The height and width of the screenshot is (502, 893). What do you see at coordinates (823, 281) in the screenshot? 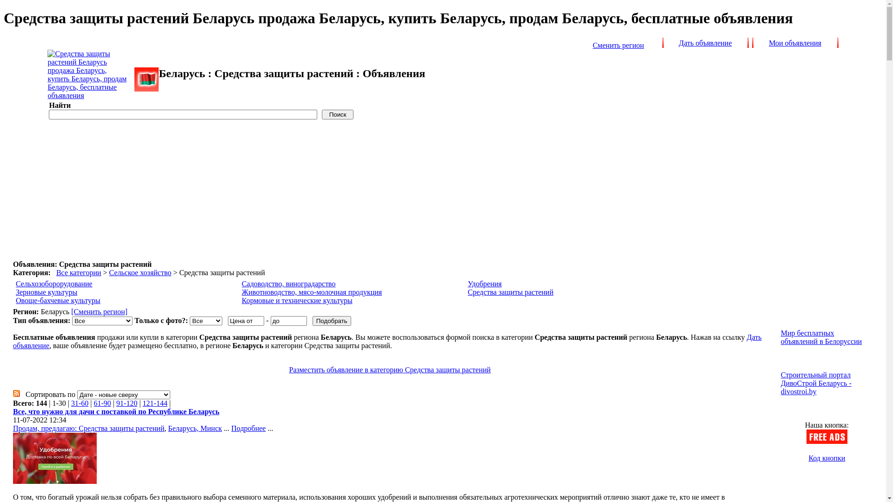
I see `'Advertisement'` at bounding box center [823, 281].